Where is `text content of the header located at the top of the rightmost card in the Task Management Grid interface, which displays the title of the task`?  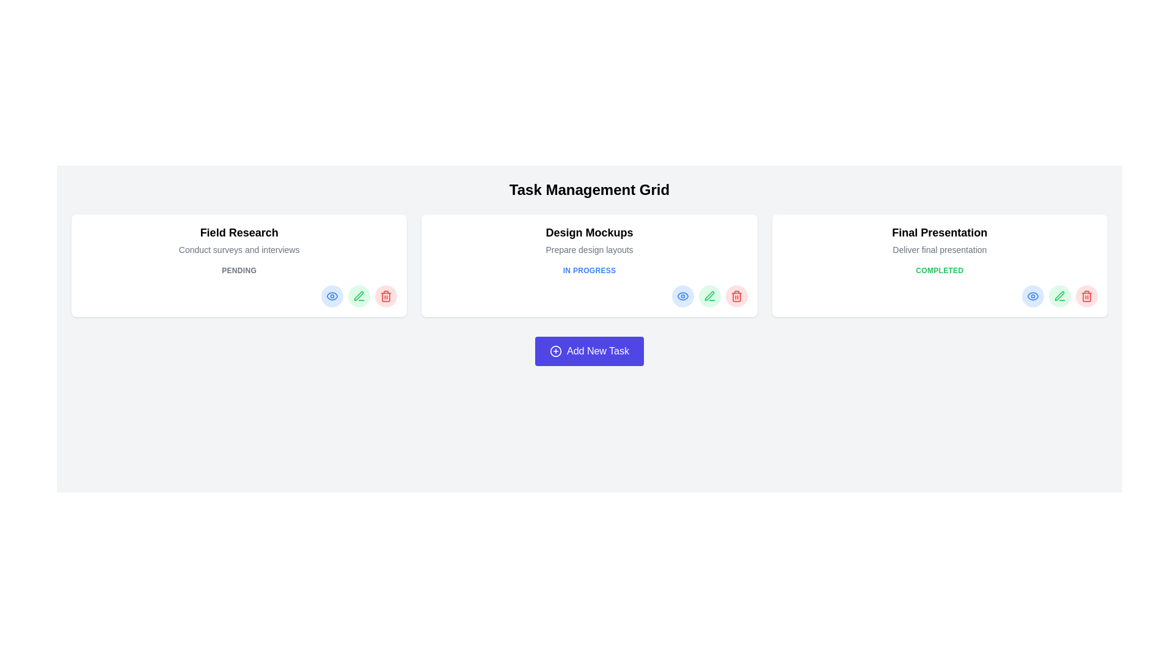 text content of the header located at the top of the rightmost card in the Task Management Grid interface, which displays the title of the task is located at coordinates (939, 233).